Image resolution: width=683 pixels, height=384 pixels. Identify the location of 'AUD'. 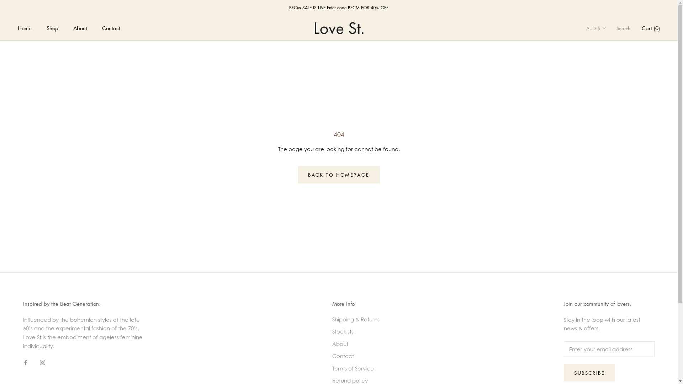
(607, 100).